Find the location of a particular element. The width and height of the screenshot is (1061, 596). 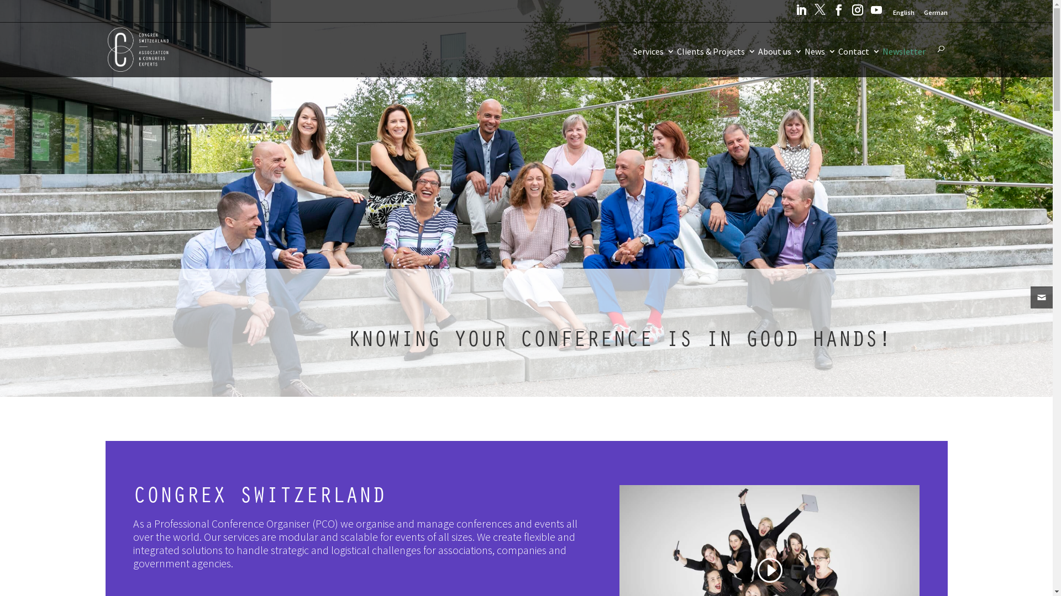

'News' is located at coordinates (804, 62).